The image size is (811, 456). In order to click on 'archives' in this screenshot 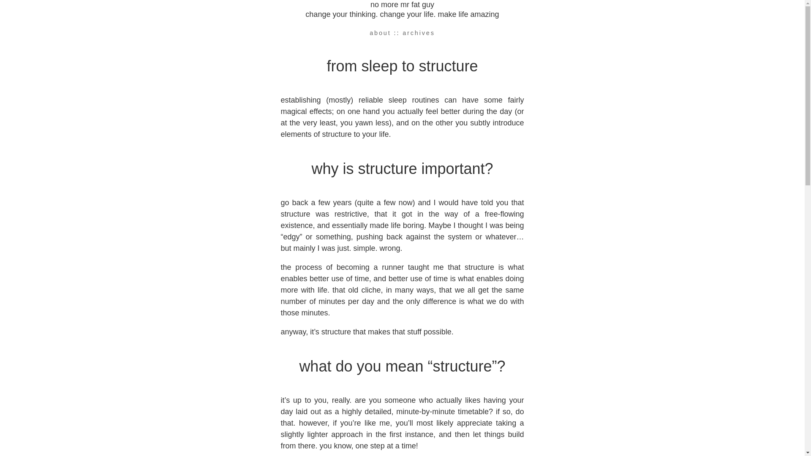, I will do `click(419, 32)`.